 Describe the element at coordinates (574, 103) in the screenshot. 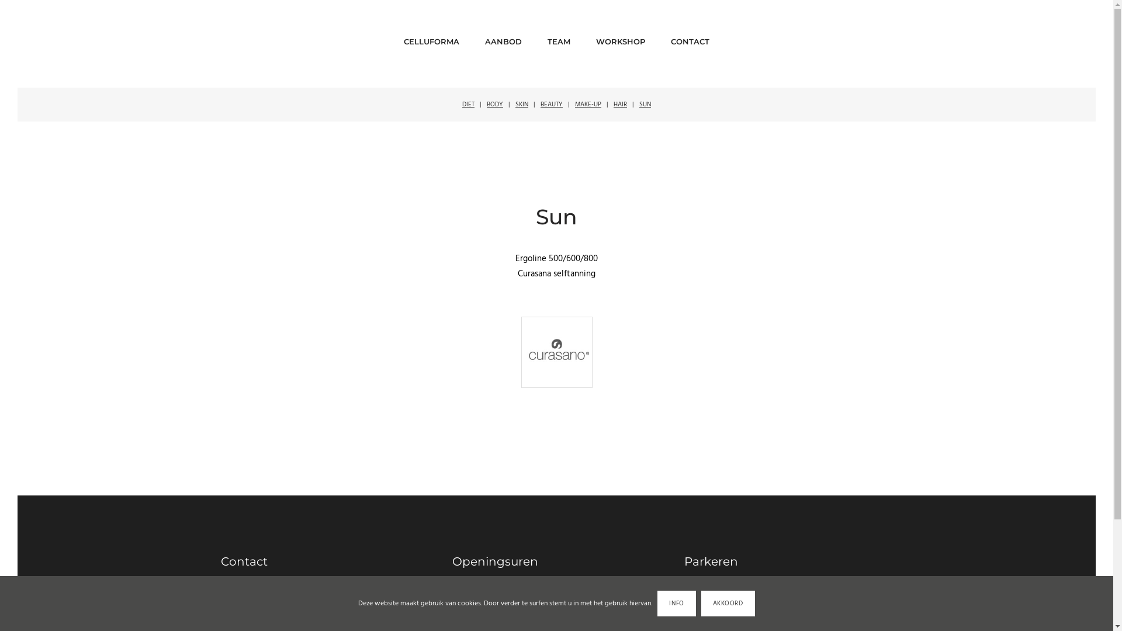

I see `'MAKE-UP'` at that location.